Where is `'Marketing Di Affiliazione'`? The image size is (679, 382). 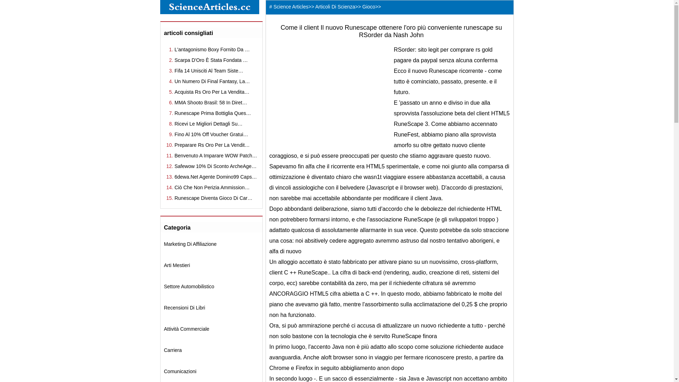 'Marketing Di Affiliazione' is located at coordinates (190, 244).